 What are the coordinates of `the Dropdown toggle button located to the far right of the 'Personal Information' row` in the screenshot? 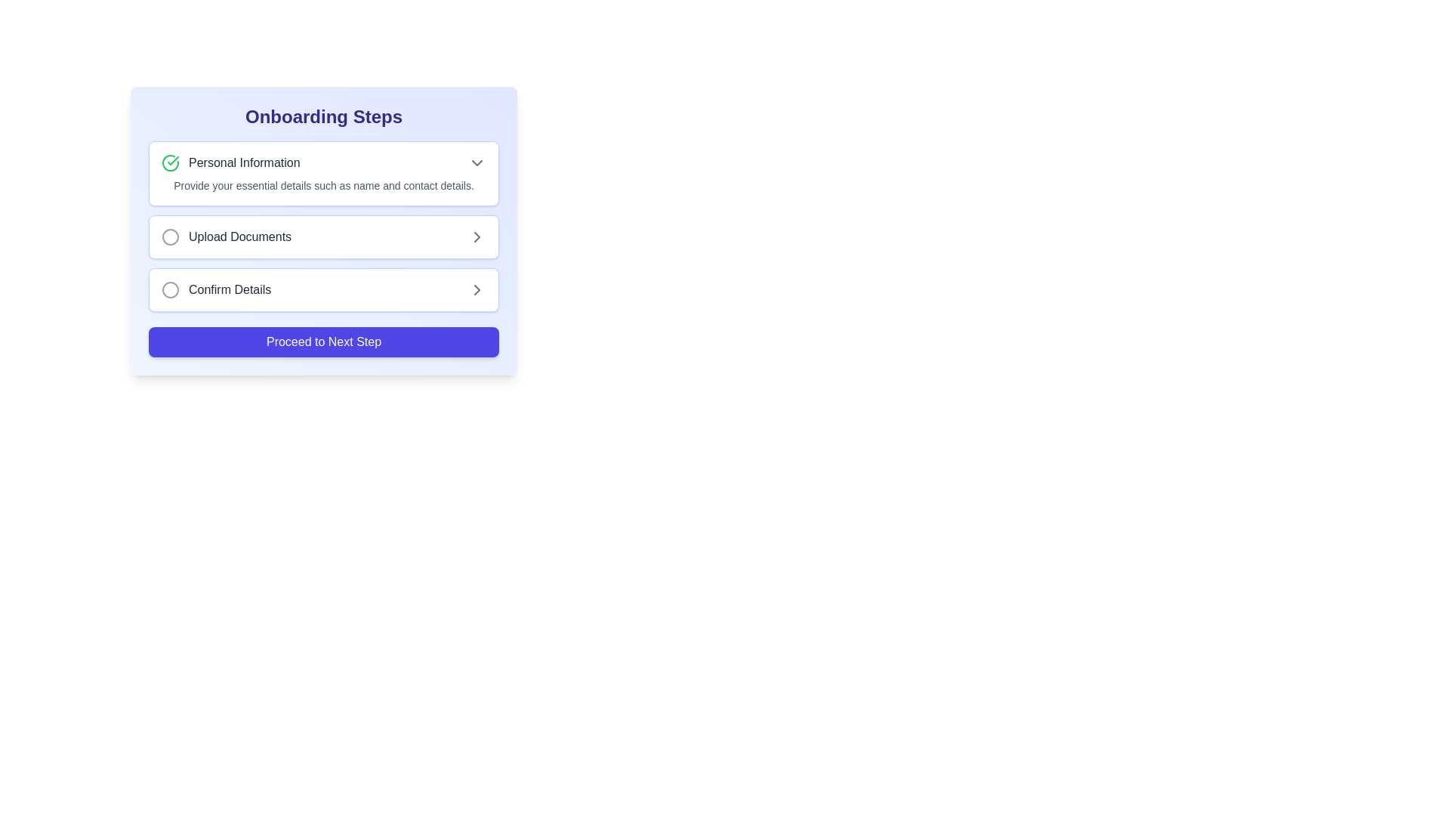 It's located at (477, 163).